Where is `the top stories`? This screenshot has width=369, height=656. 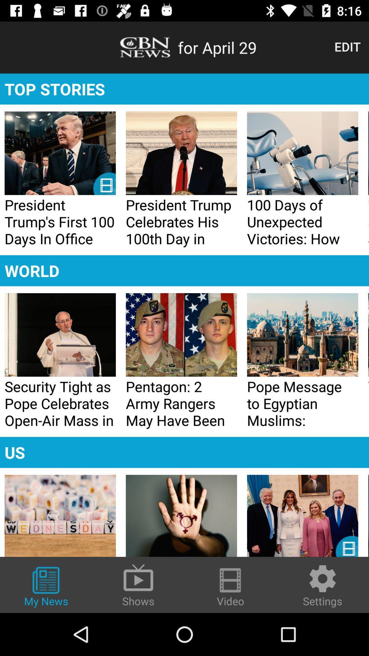
the top stories is located at coordinates (184, 88).